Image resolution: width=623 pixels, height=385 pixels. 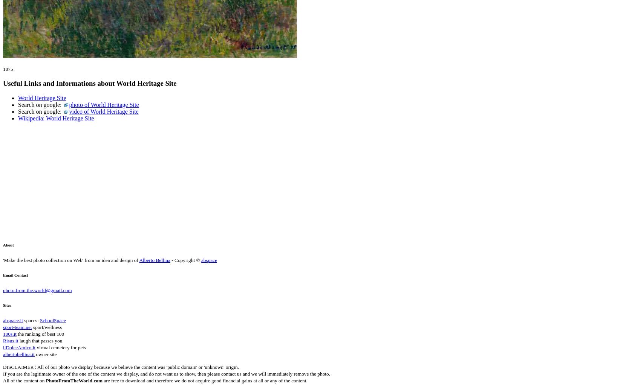 I want to click on 'video of World Heritage Site', so click(x=103, y=111).